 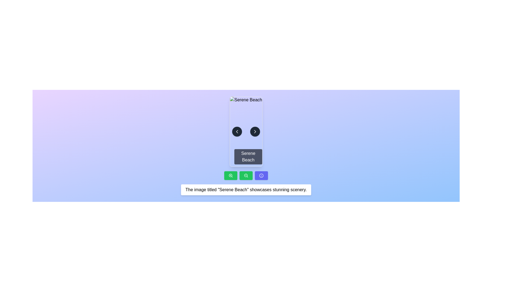 I want to click on the last button in the horizontal row of three buttons below the image display area, so click(x=261, y=176).